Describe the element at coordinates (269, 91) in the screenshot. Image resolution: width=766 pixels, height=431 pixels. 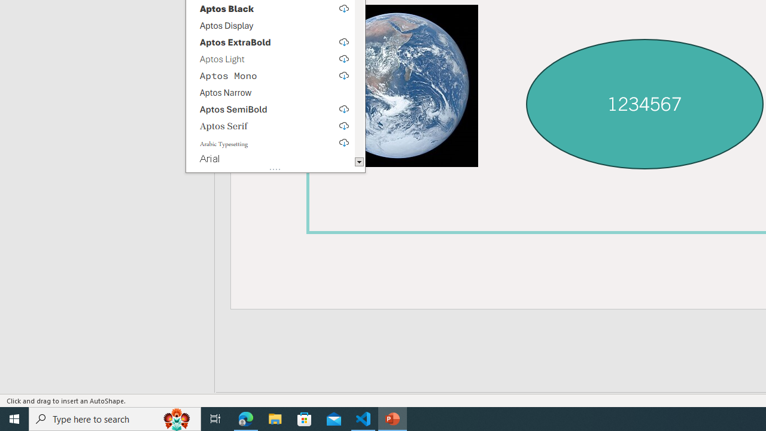
I see `'Aptos Narrow'` at that location.